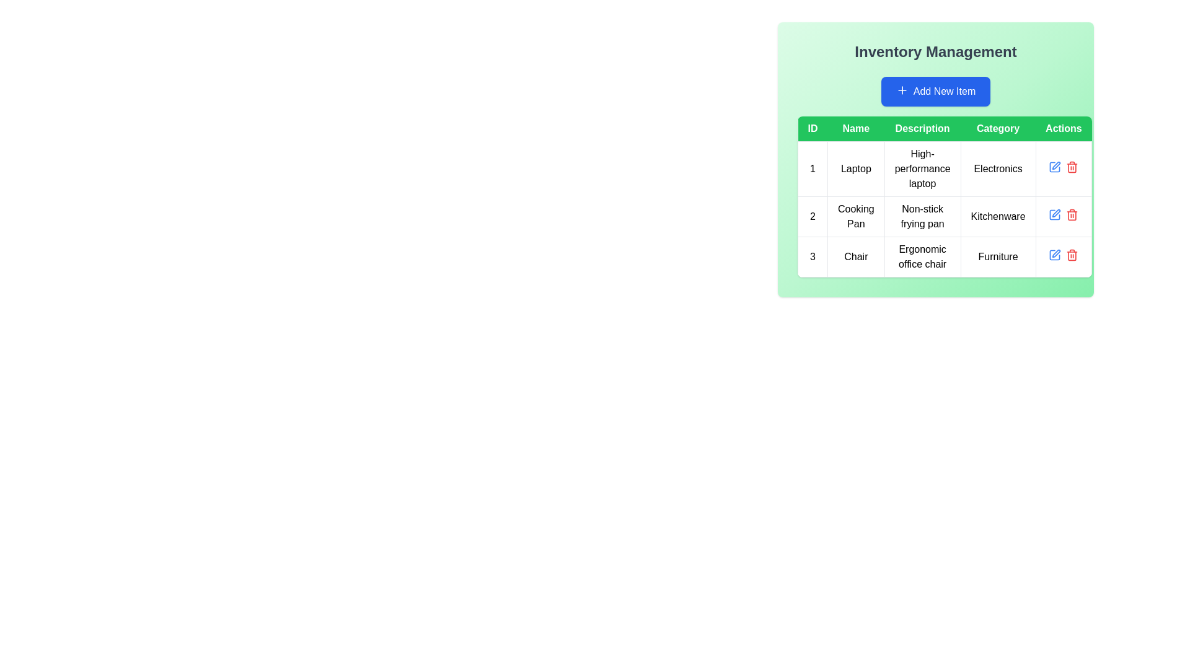 The width and height of the screenshot is (1190, 669). I want to click on description text of the 'Non-stick frying pan' label, which is located in the 'Description' column of the second row of the table, so click(922, 216).